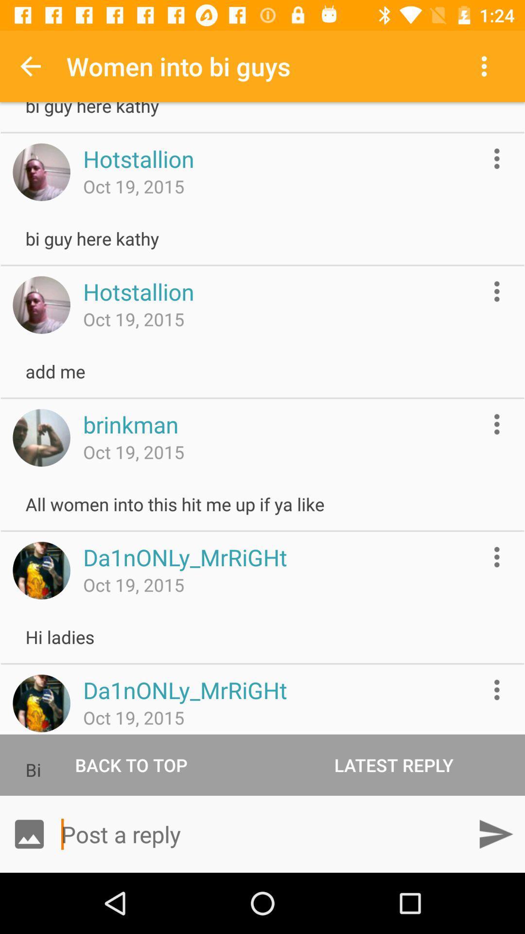  I want to click on this profile, so click(41, 570).